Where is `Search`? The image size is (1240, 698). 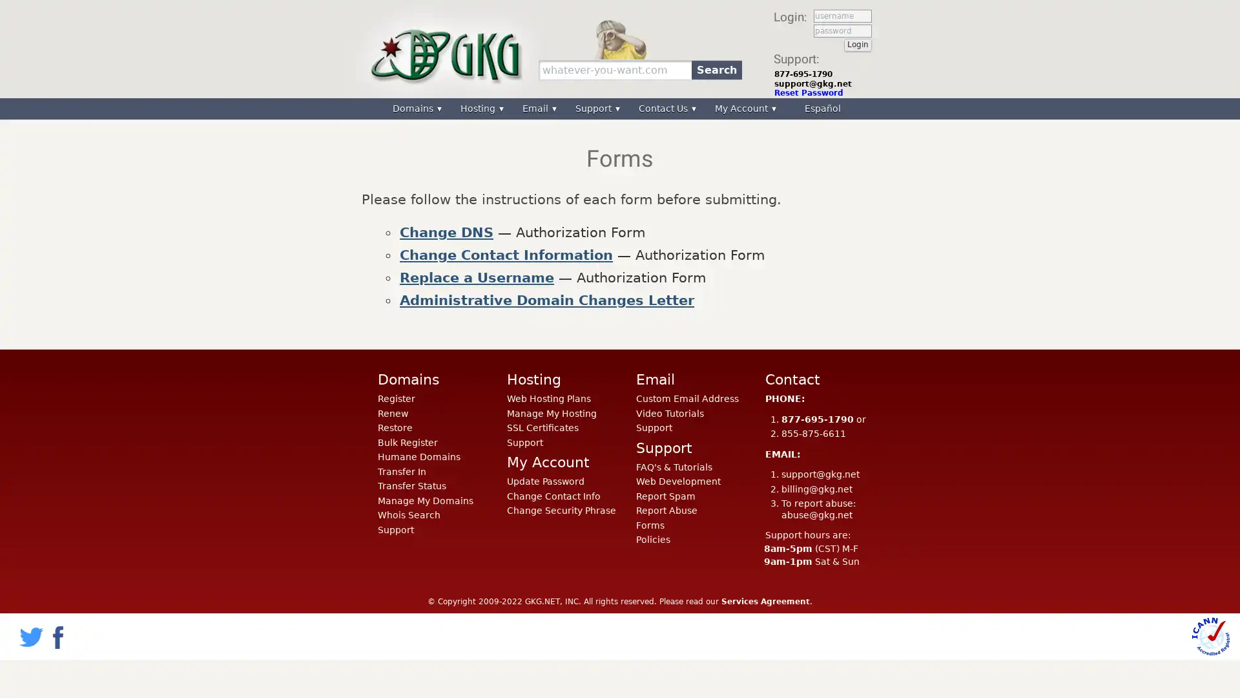 Search is located at coordinates (716, 69).